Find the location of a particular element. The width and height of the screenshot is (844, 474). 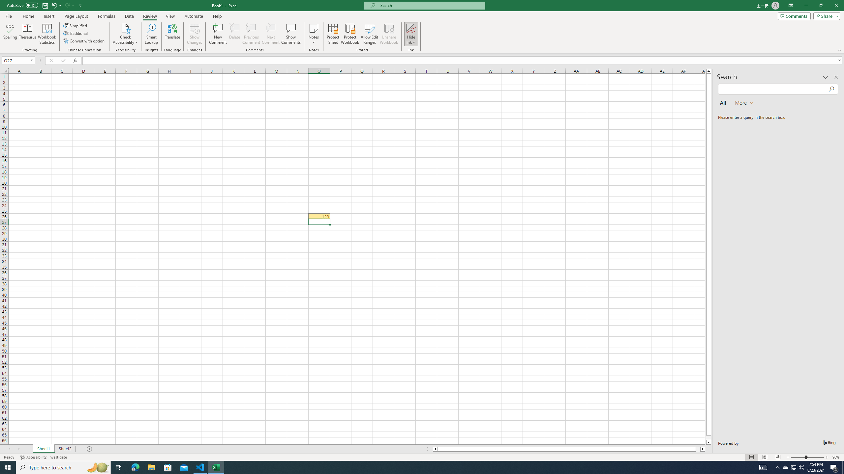

'Simplified' is located at coordinates (75, 25).